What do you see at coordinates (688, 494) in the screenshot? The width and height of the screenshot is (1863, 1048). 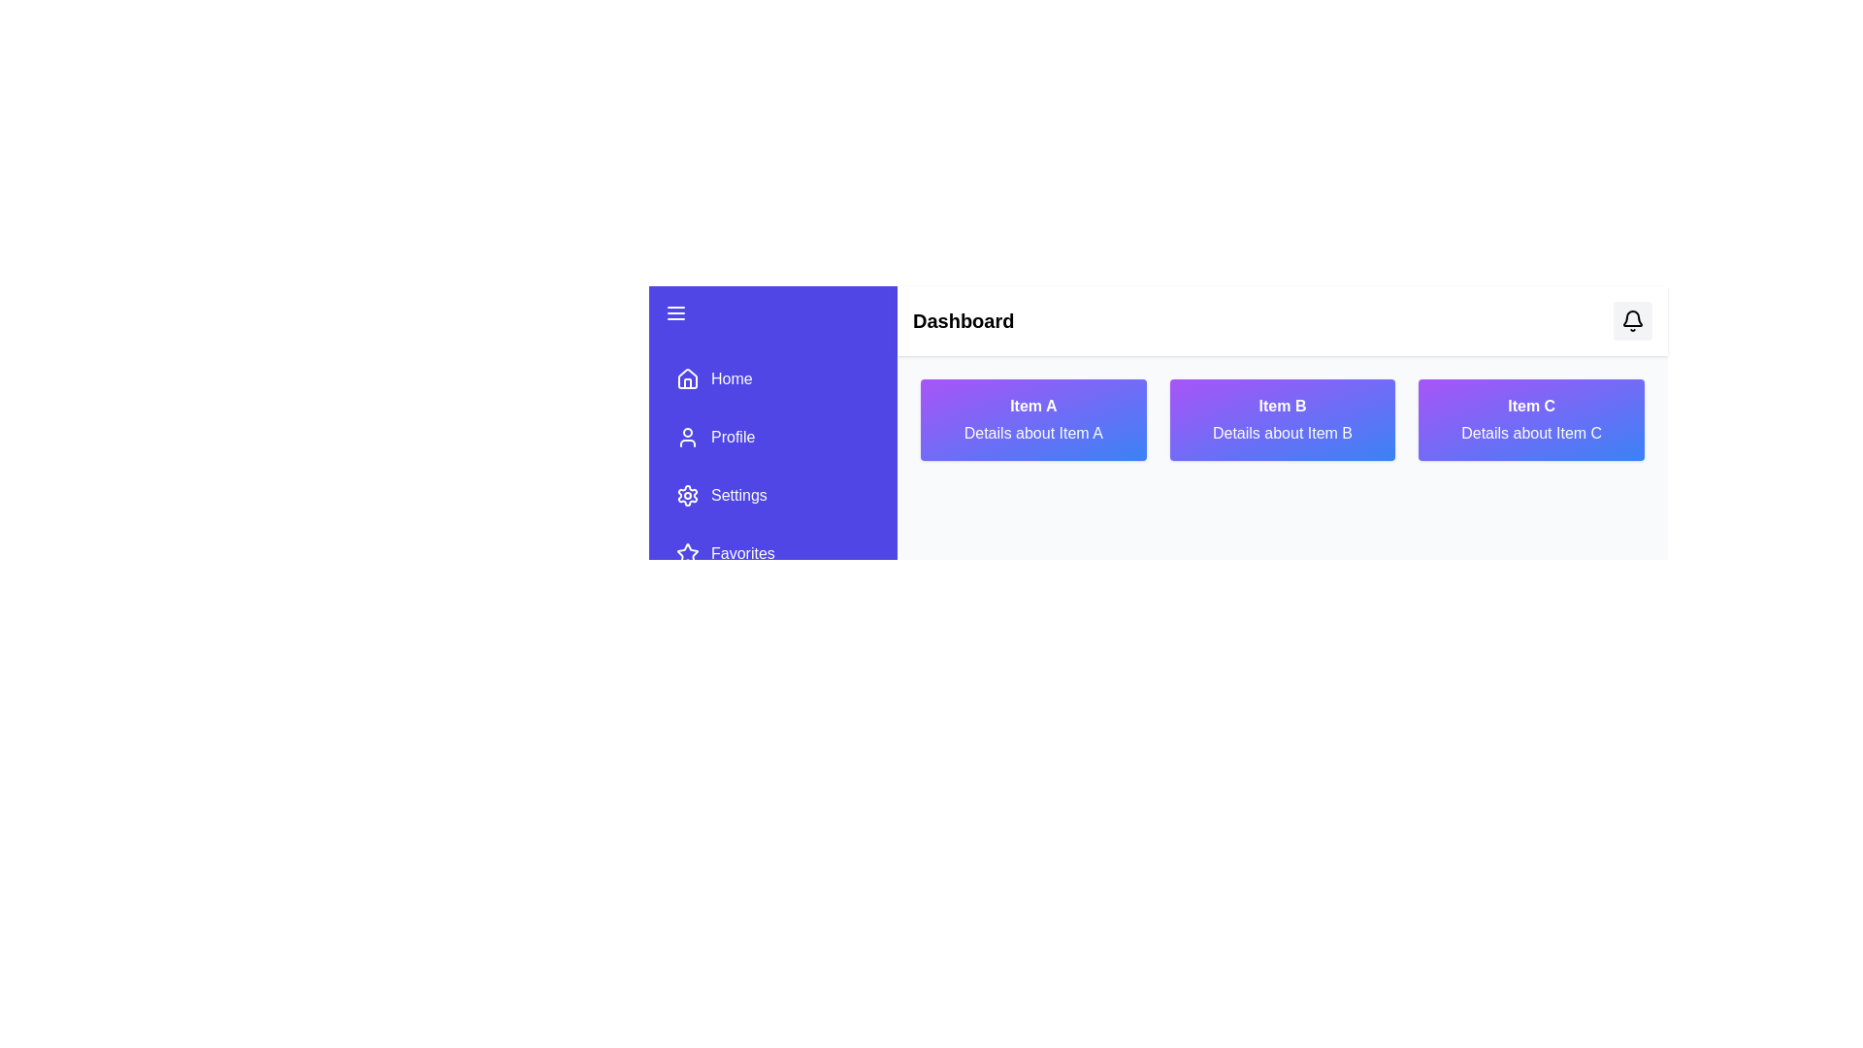 I see `the gear-shaped icon in the navigation sidebar` at bounding box center [688, 494].